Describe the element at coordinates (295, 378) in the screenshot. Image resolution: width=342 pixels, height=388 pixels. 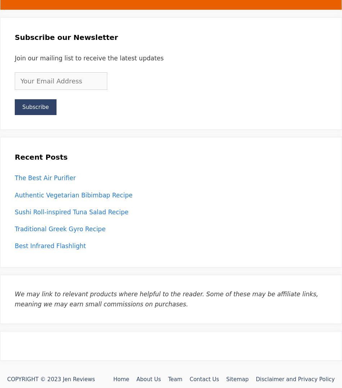
I see `'Disclaimer and Privacy Policy'` at that location.